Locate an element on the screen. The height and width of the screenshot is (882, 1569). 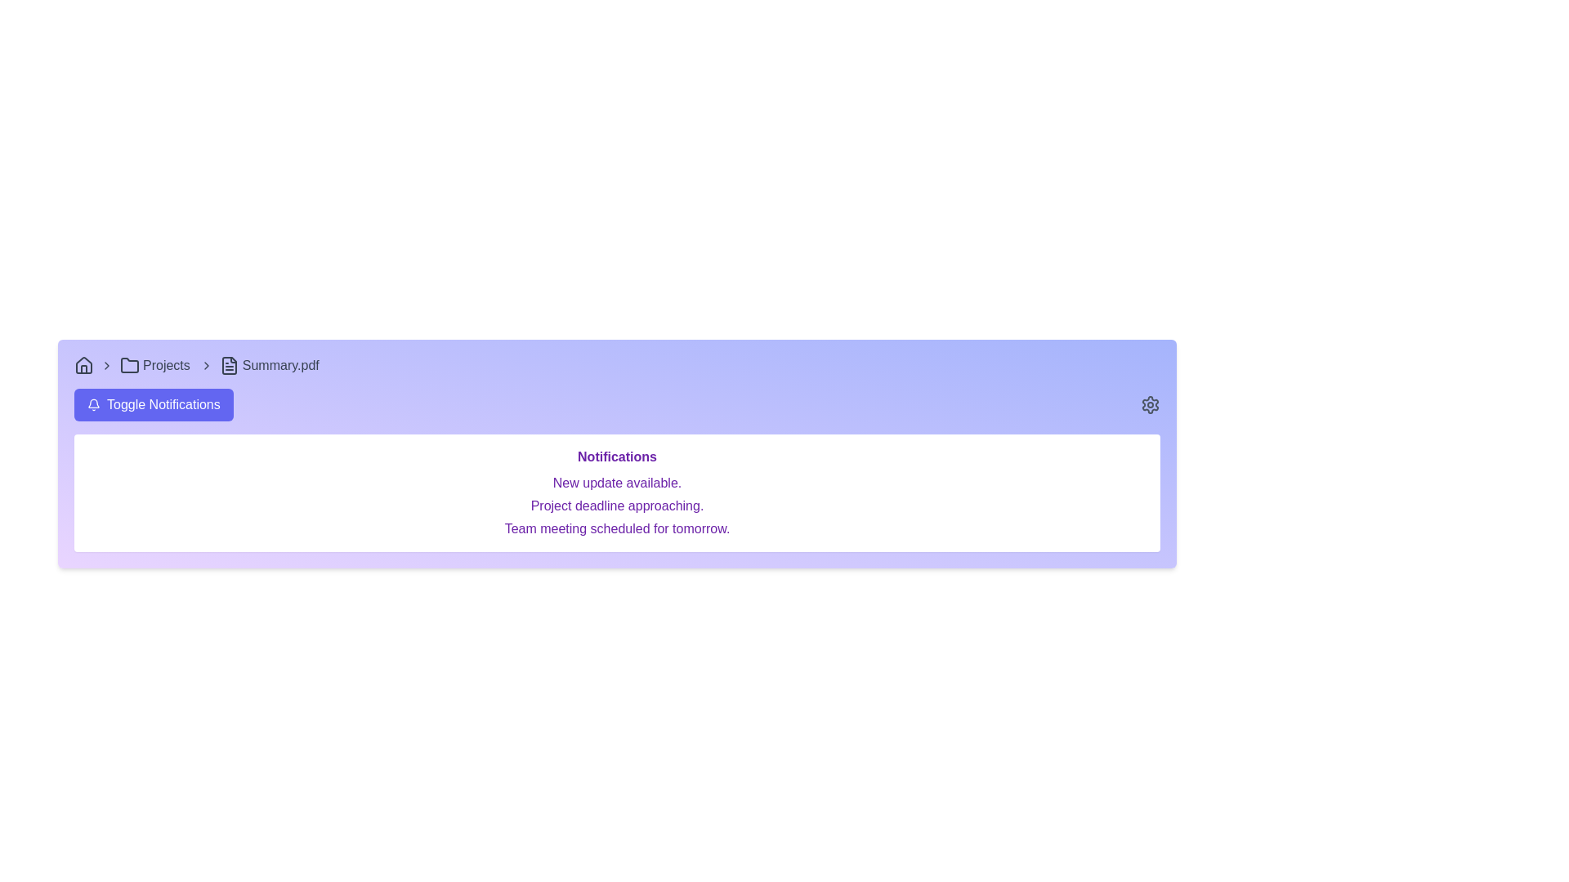
text label that displays 'New update available.' which is styled in purple and is the first item in the Notifications section is located at coordinates (616, 482).